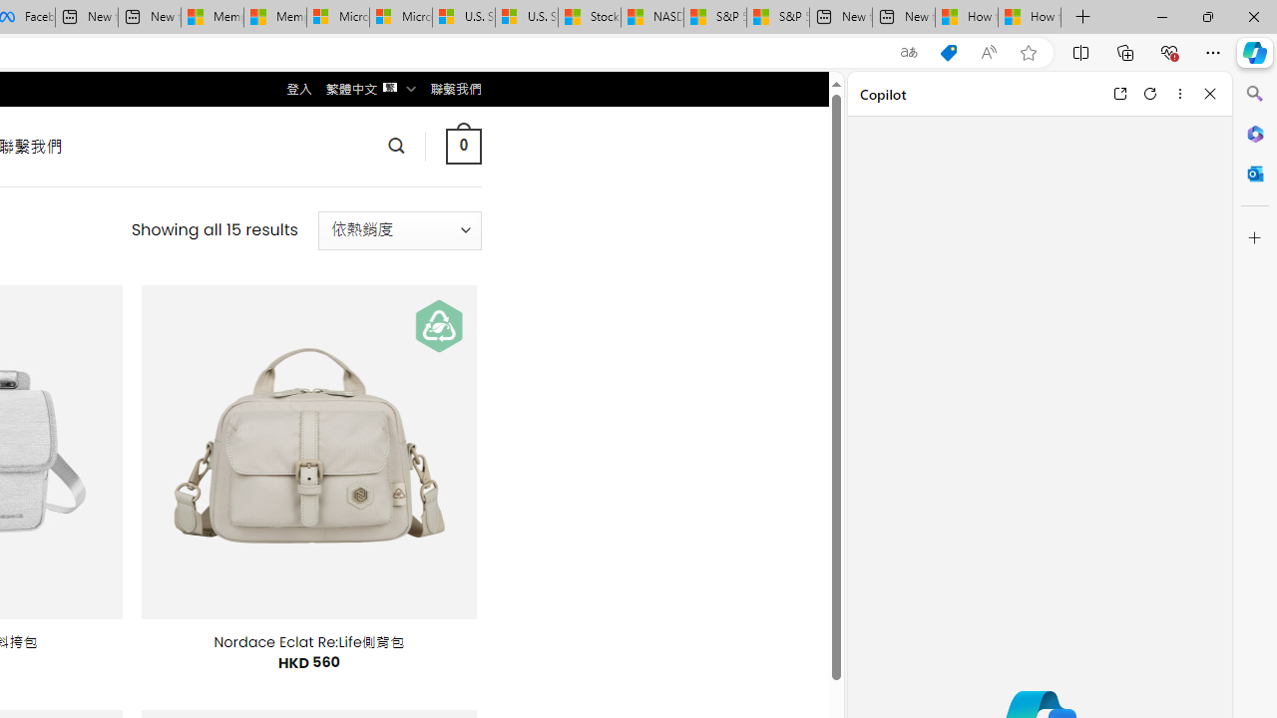 Image resolution: width=1277 pixels, height=718 pixels. I want to click on 'Microsoft 365', so click(1254, 133).